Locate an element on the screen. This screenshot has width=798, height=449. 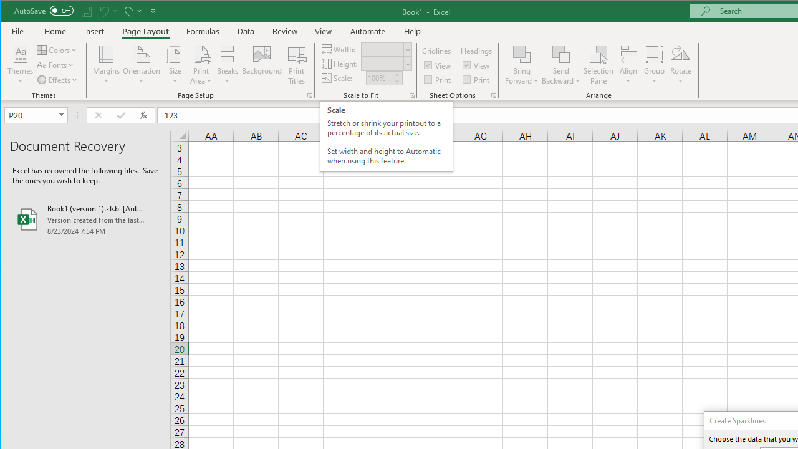
'Review' is located at coordinates (284, 31).